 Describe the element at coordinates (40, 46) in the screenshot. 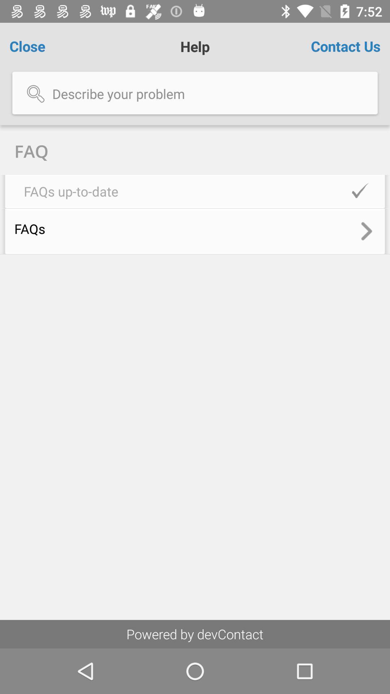

I see `the button which is on the left of help` at that location.